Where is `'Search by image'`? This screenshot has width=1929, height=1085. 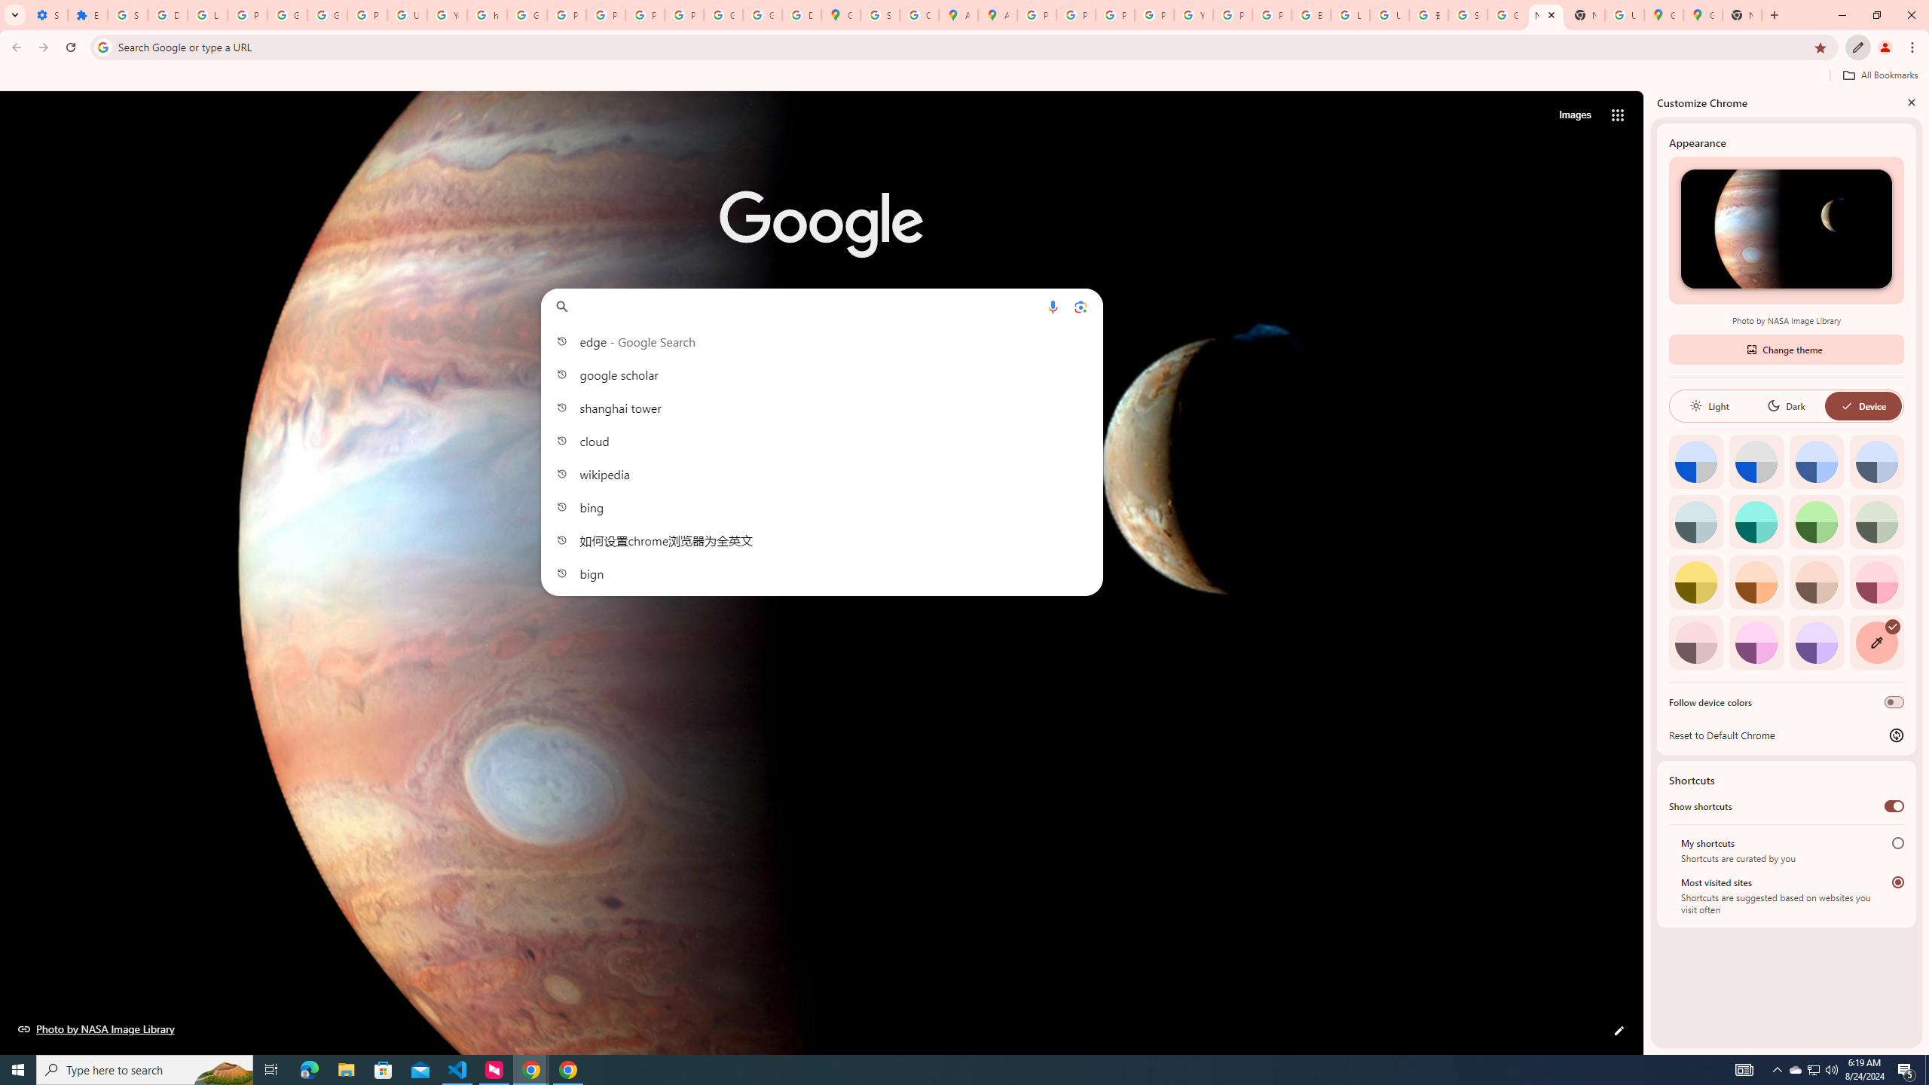 'Search by image' is located at coordinates (1081, 305).